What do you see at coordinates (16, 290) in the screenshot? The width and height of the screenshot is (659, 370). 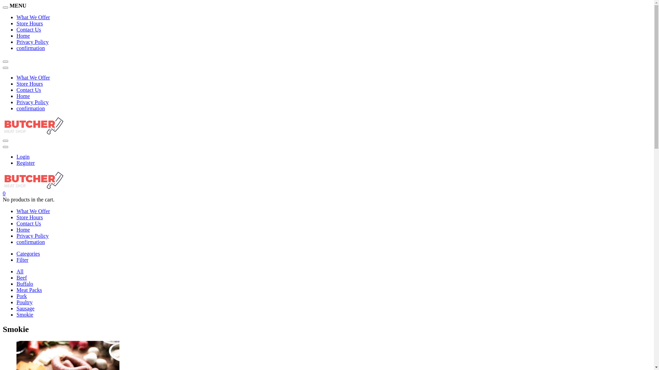 I see `'Meat Packs'` at bounding box center [16, 290].